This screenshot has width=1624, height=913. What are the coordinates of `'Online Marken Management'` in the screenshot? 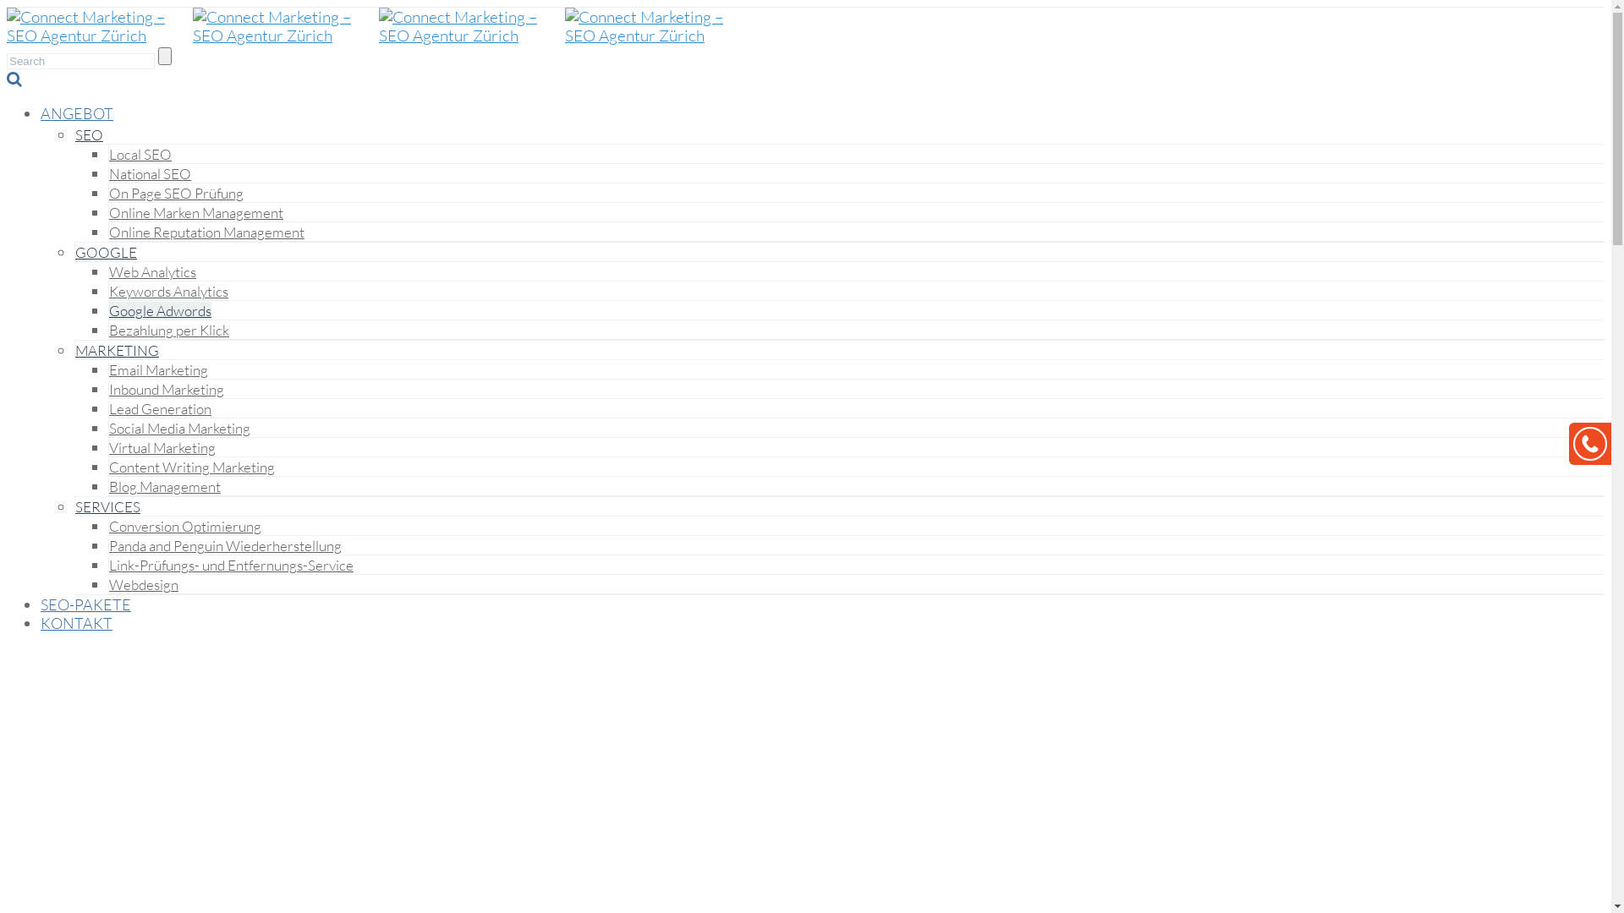 It's located at (195, 211).